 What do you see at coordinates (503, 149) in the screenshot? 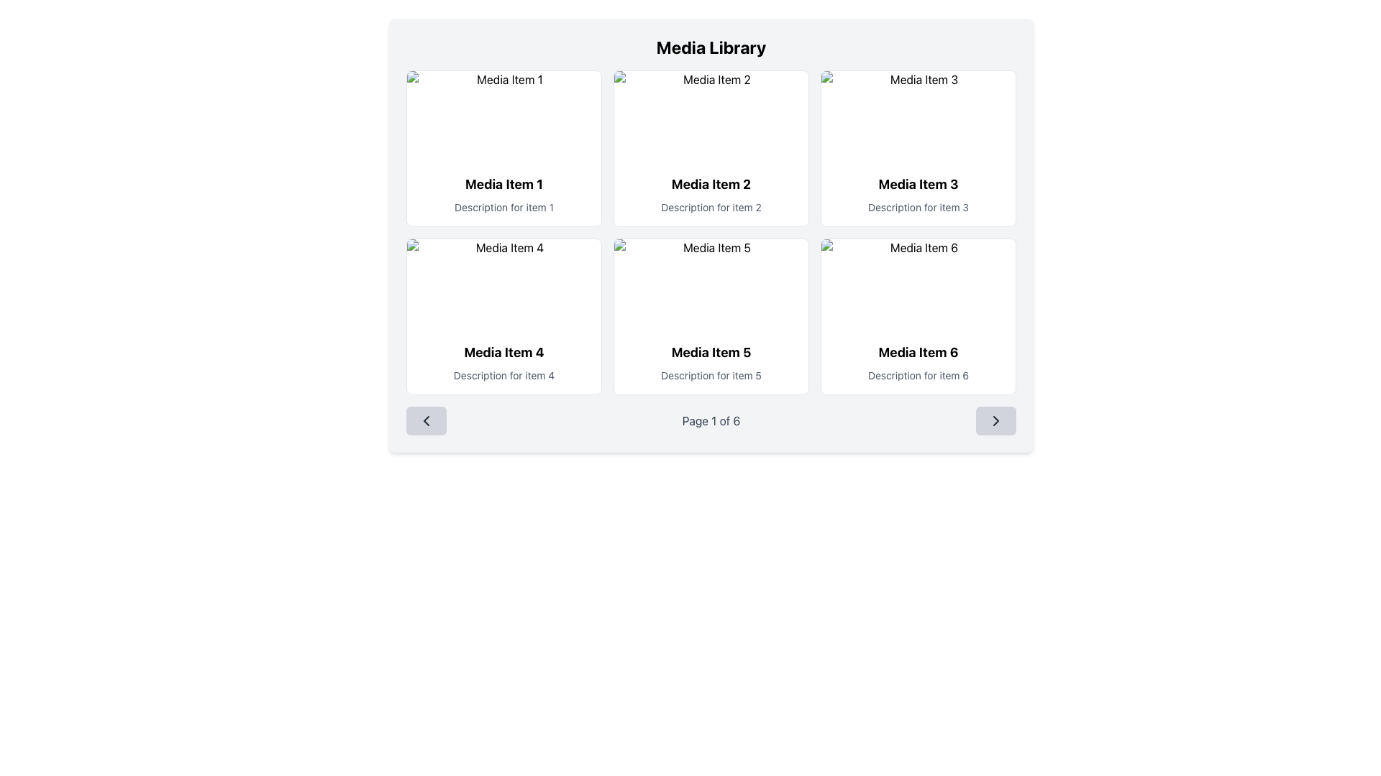
I see `the media item card located at the top-left corner of the grid` at bounding box center [503, 149].